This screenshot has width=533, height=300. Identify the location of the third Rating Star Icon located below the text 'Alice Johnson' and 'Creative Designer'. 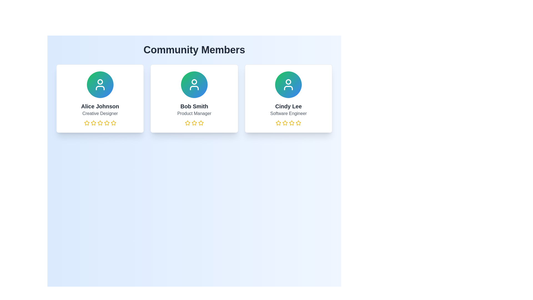
(93, 123).